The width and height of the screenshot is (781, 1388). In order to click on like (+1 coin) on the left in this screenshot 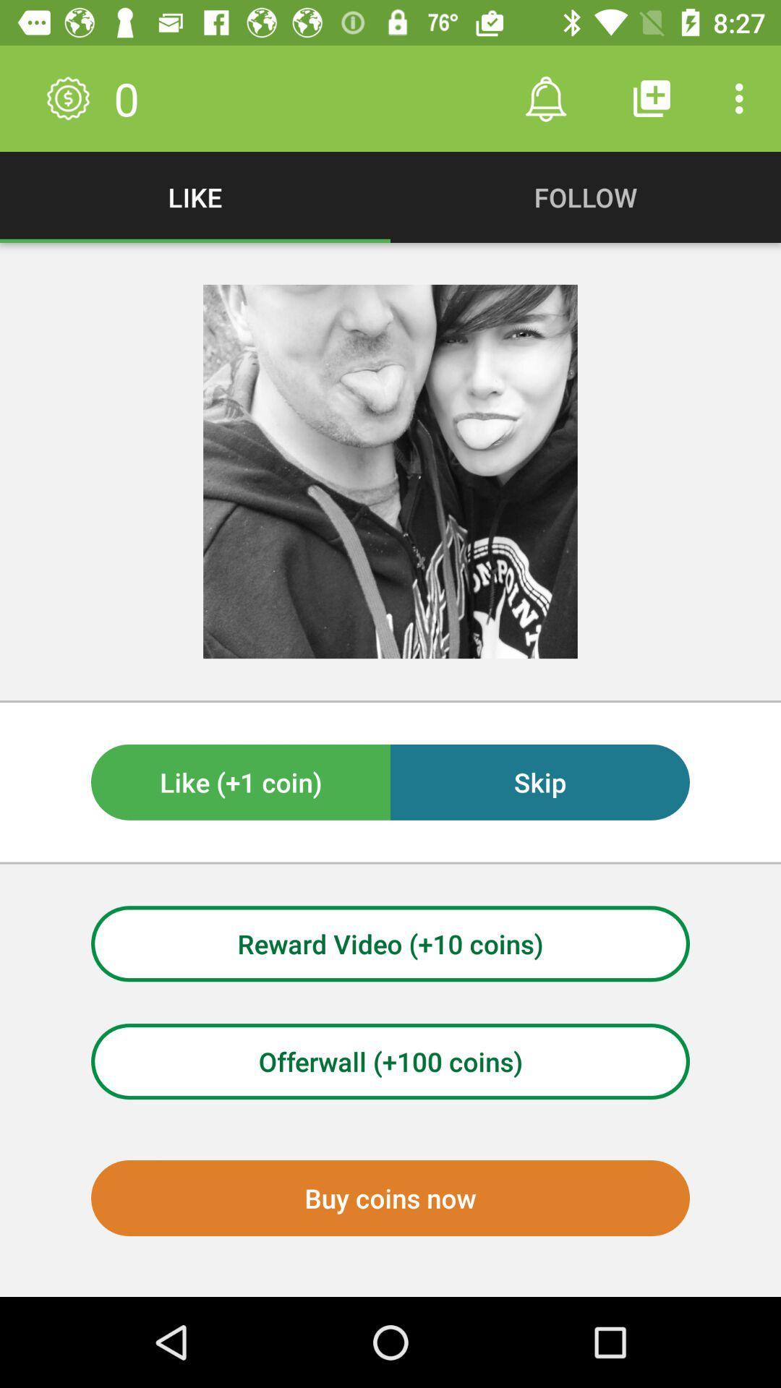, I will do `click(239, 781)`.